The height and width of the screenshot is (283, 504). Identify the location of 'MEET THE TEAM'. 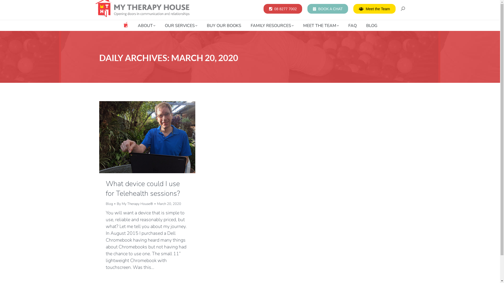
(321, 25).